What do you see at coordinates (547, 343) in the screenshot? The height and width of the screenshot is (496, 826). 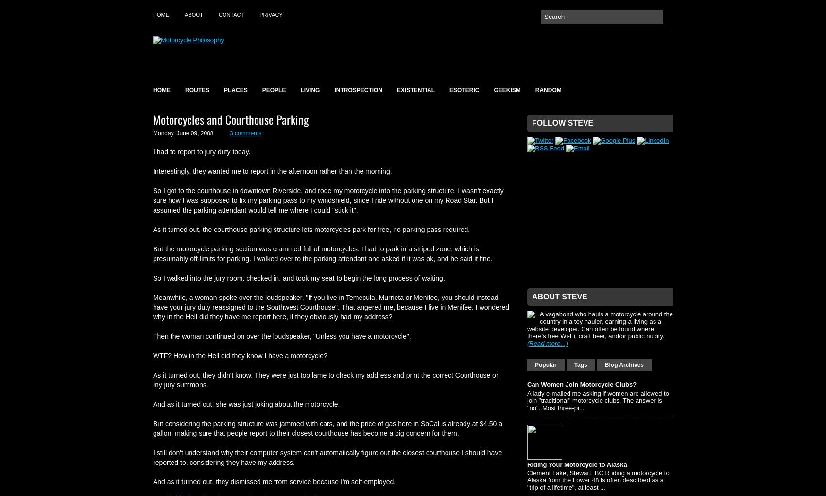 I see `'(Read more...)'` at bounding box center [547, 343].